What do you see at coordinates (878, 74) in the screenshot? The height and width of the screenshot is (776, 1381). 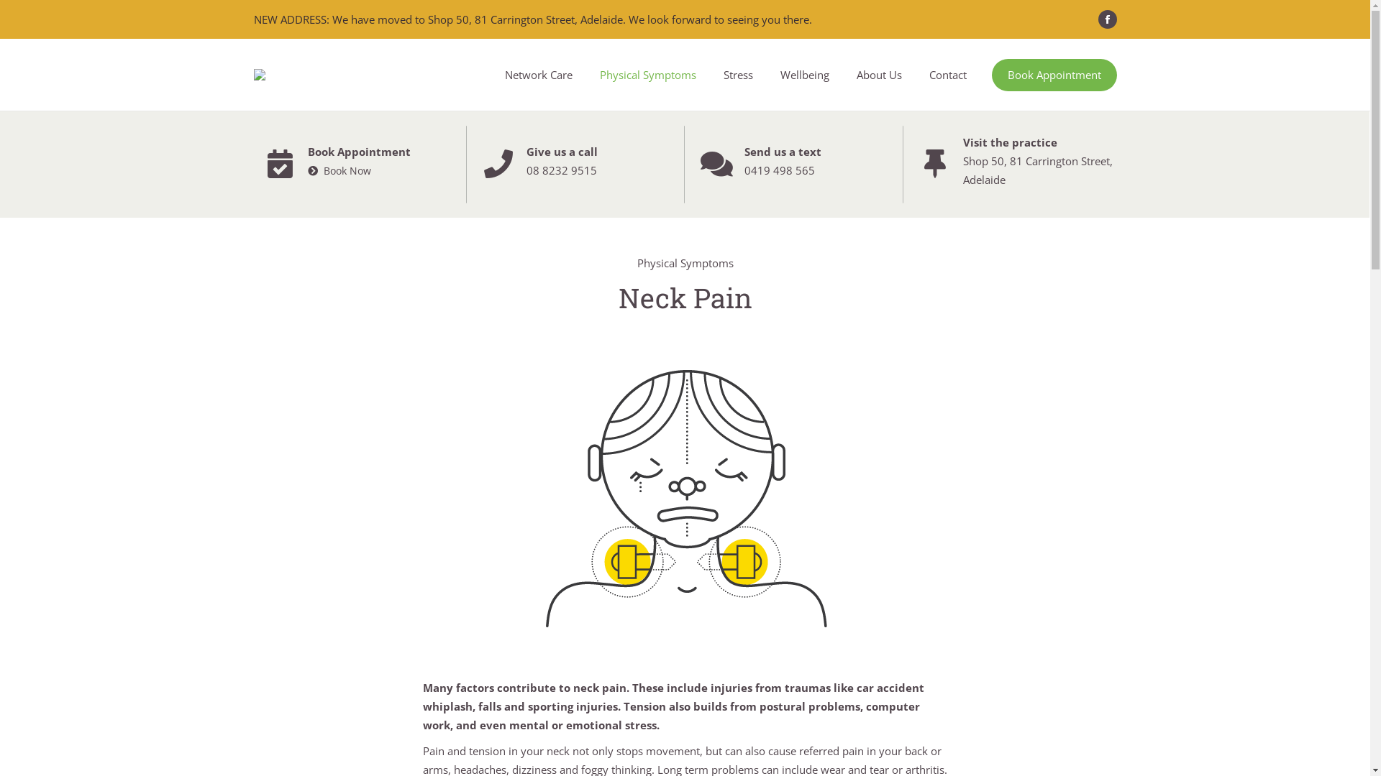 I see `'About Us'` at bounding box center [878, 74].